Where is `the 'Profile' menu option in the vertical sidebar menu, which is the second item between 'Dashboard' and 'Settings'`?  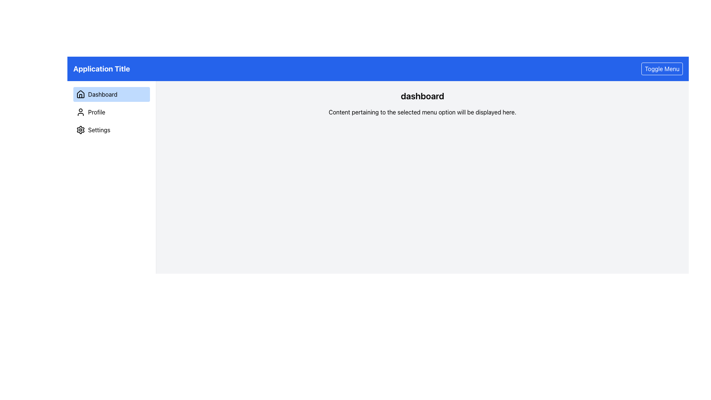 the 'Profile' menu option in the vertical sidebar menu, which is the second item between 'Dashboard' and 'Settings' is located at coordinates (96, 112).